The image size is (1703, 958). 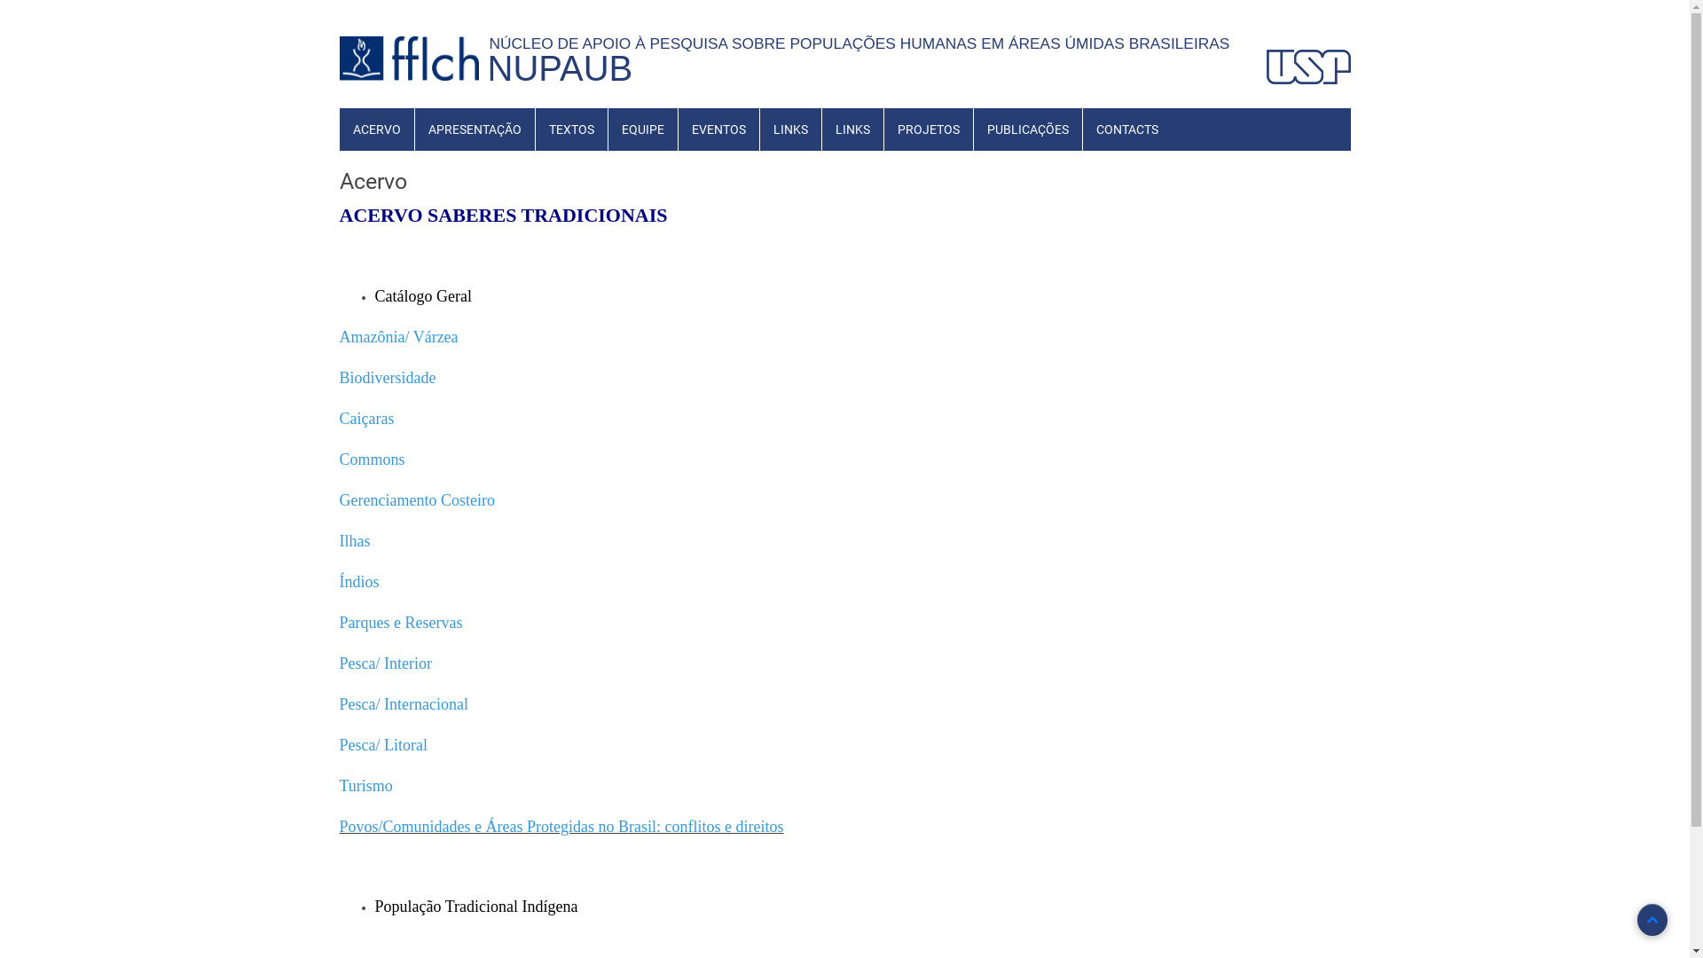 What do you see at coordinates (399, 623) in the screenshot?
I see `'Parques e Reservas'` at bounding box center [399, 623].